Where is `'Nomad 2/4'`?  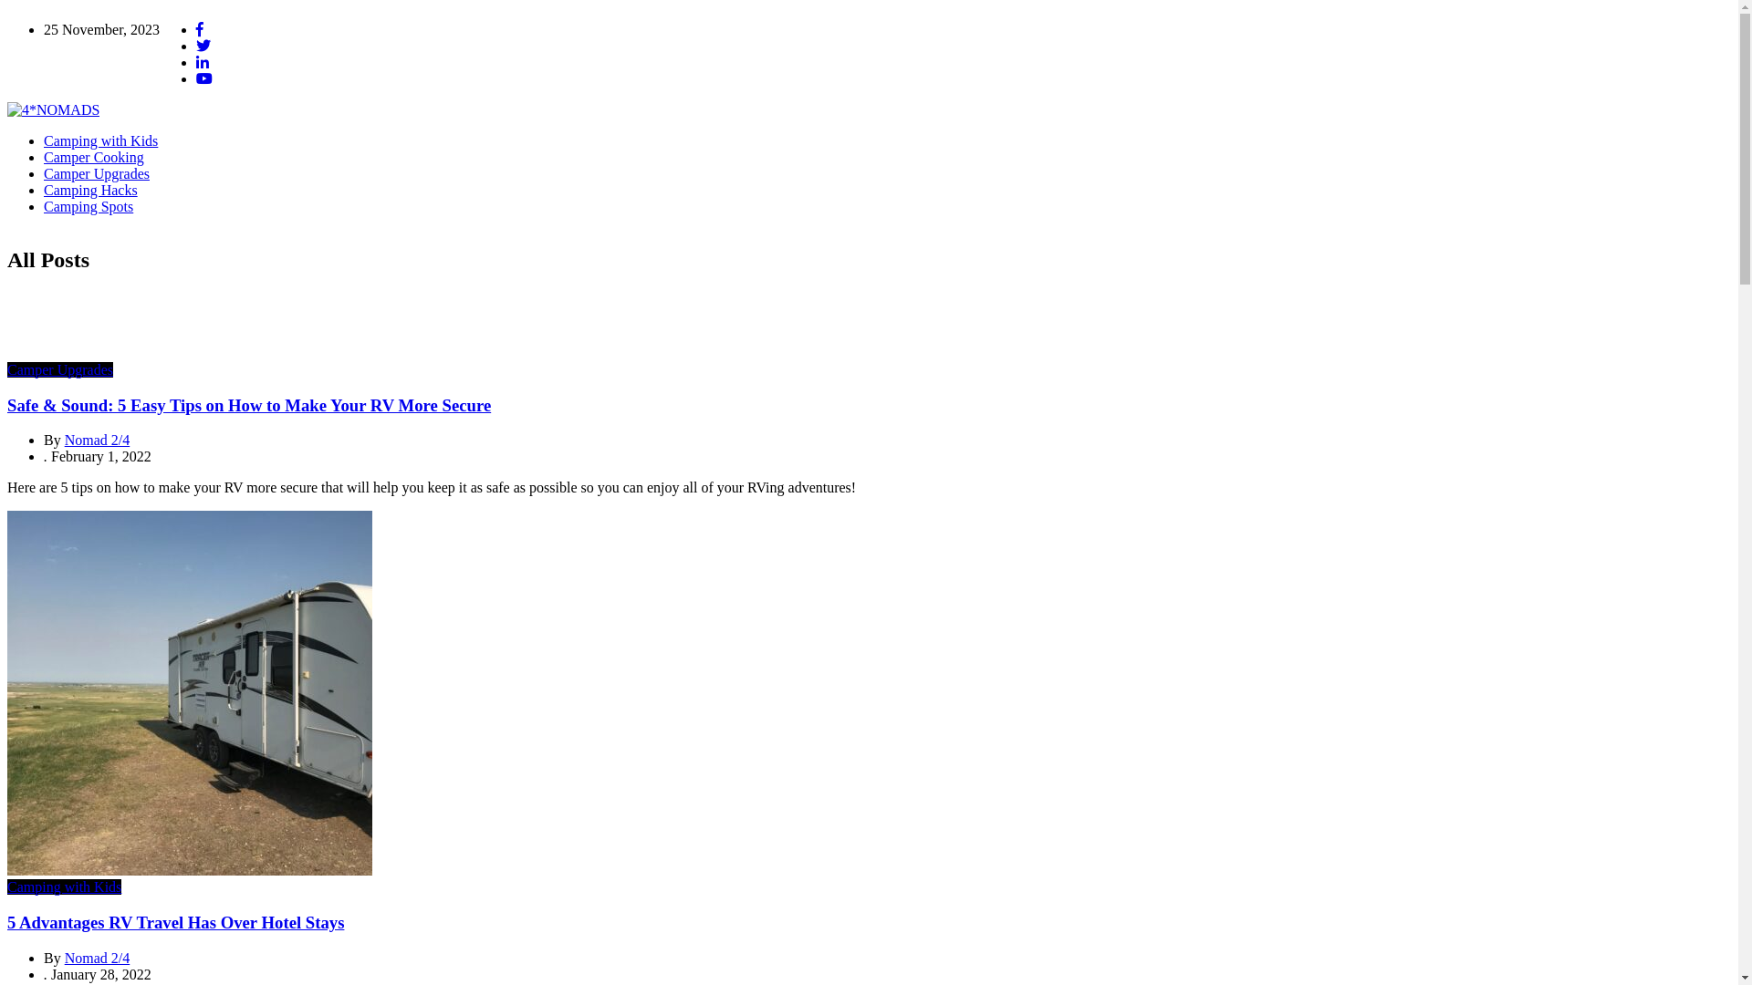 'Nomad 2/4' is located at coordinates (96, 957).